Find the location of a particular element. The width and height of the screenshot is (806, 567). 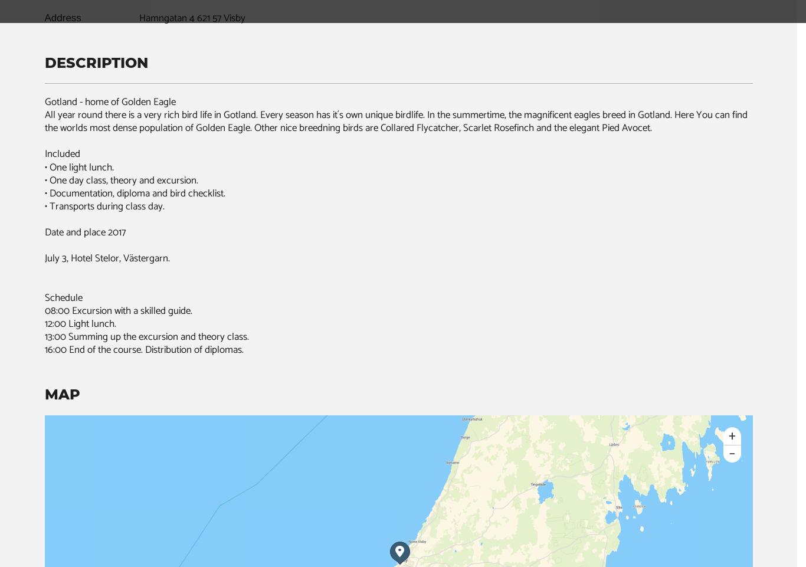

'All year round there is a very rich bird life in Gotland. Every season has it´s own unique birdlife. In the summertime, the magnificent eagles breed in Gotland. Here You can find the worlds most dense population of Golden Eagle. Other nice breedning birds are Collared Flycatcher, Scarlet Rosefinch and the elegant Pied Avocet.' is located at coordinates (395, 122).